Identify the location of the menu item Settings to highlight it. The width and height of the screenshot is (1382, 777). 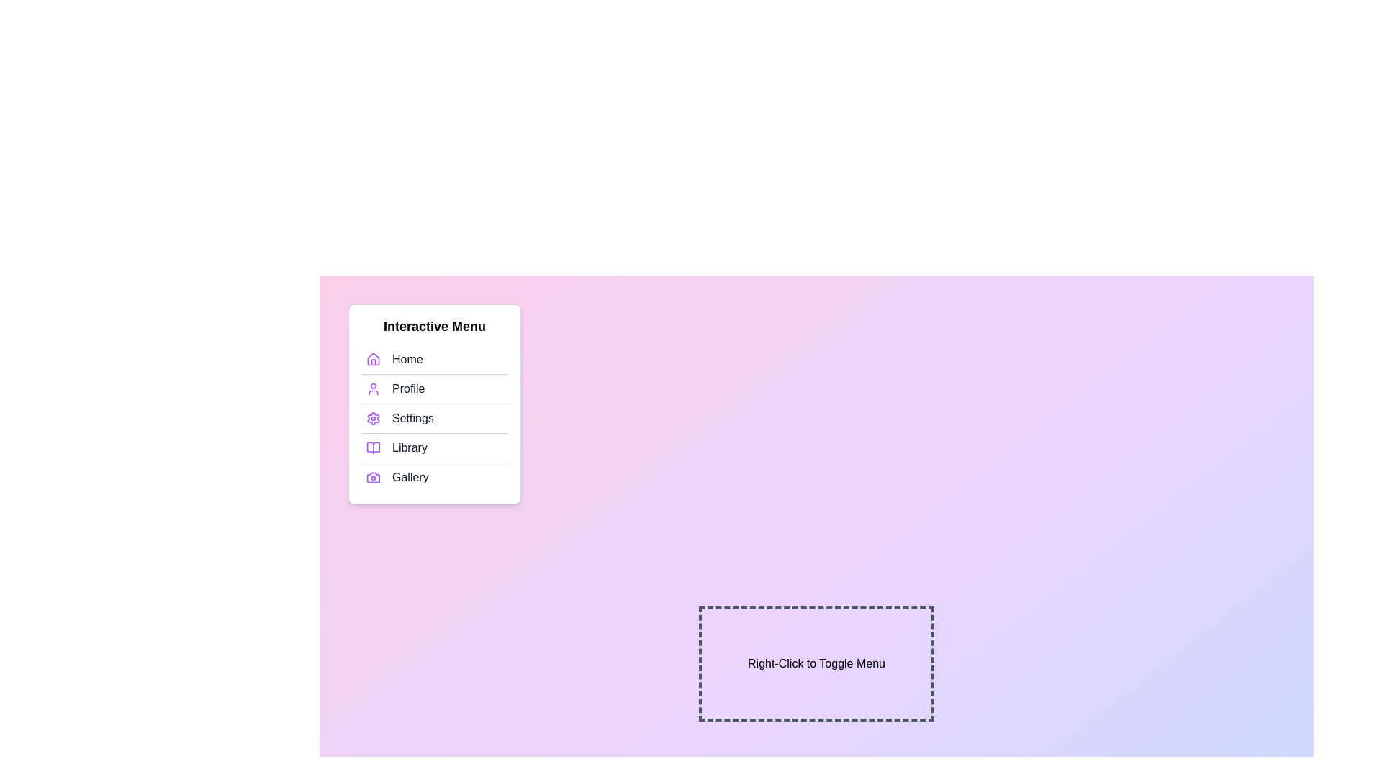
(434, 418).